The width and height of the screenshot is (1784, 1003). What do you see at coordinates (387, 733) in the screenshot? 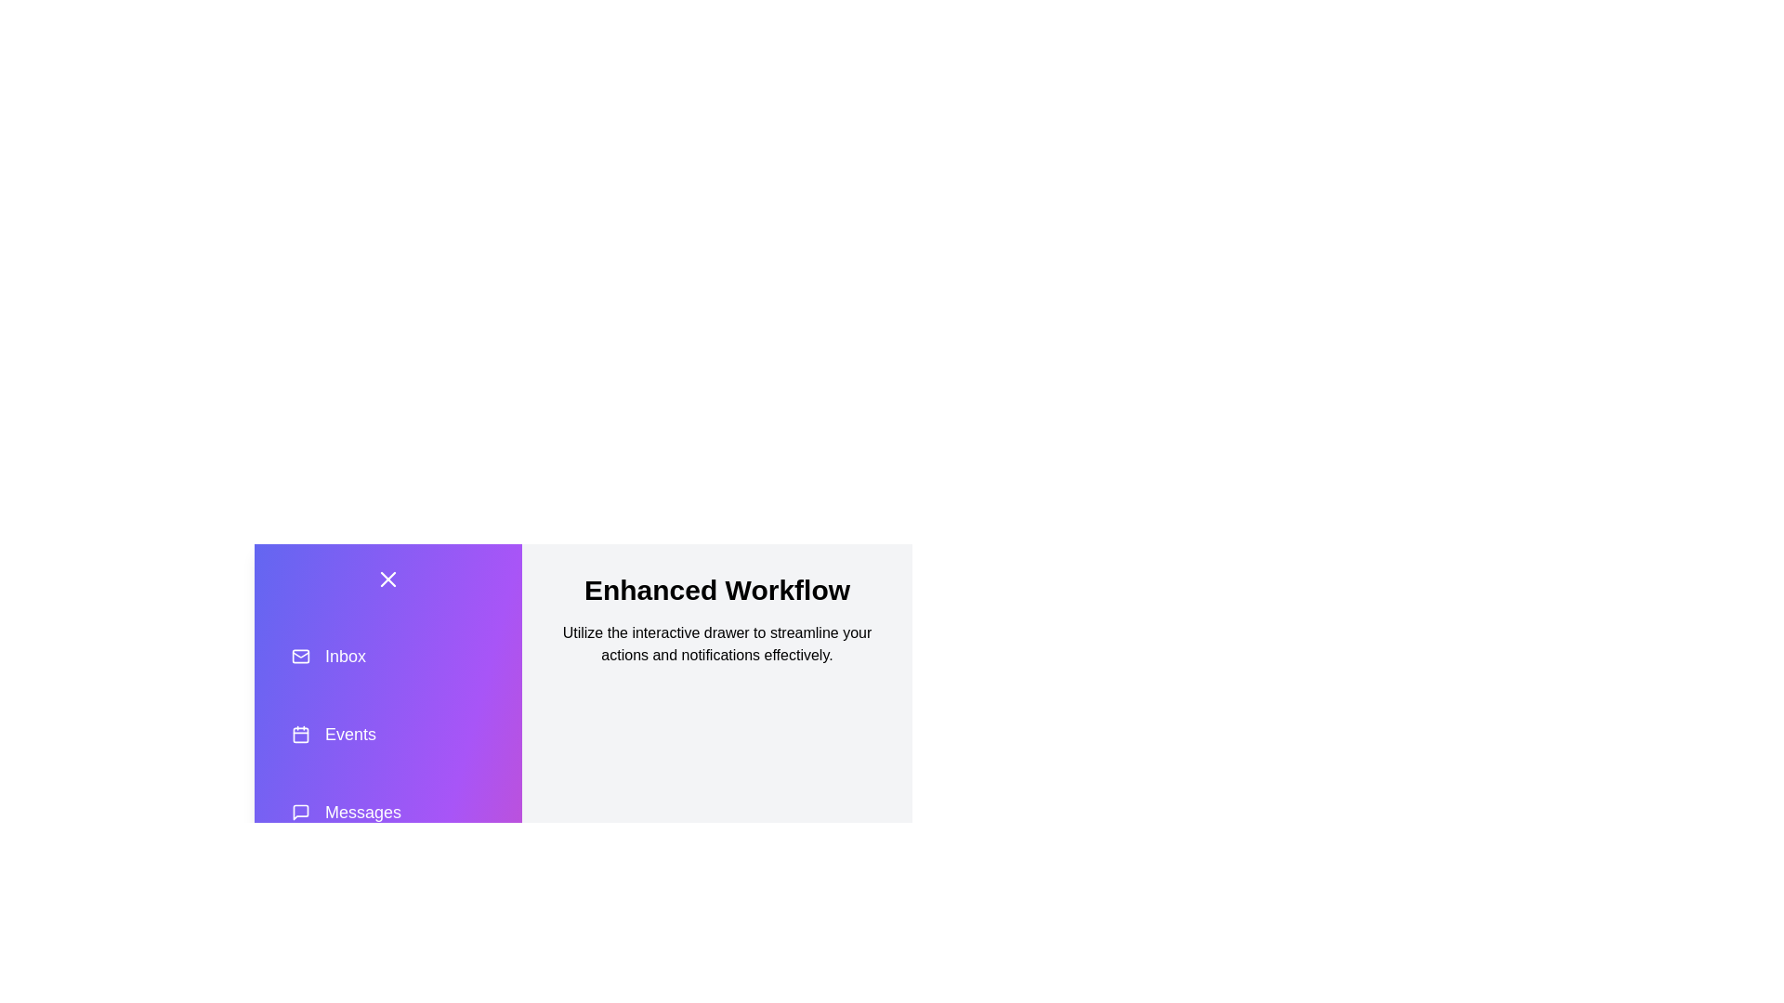
I see `the action item Events in the drawer` at bounding box center [387, 733].